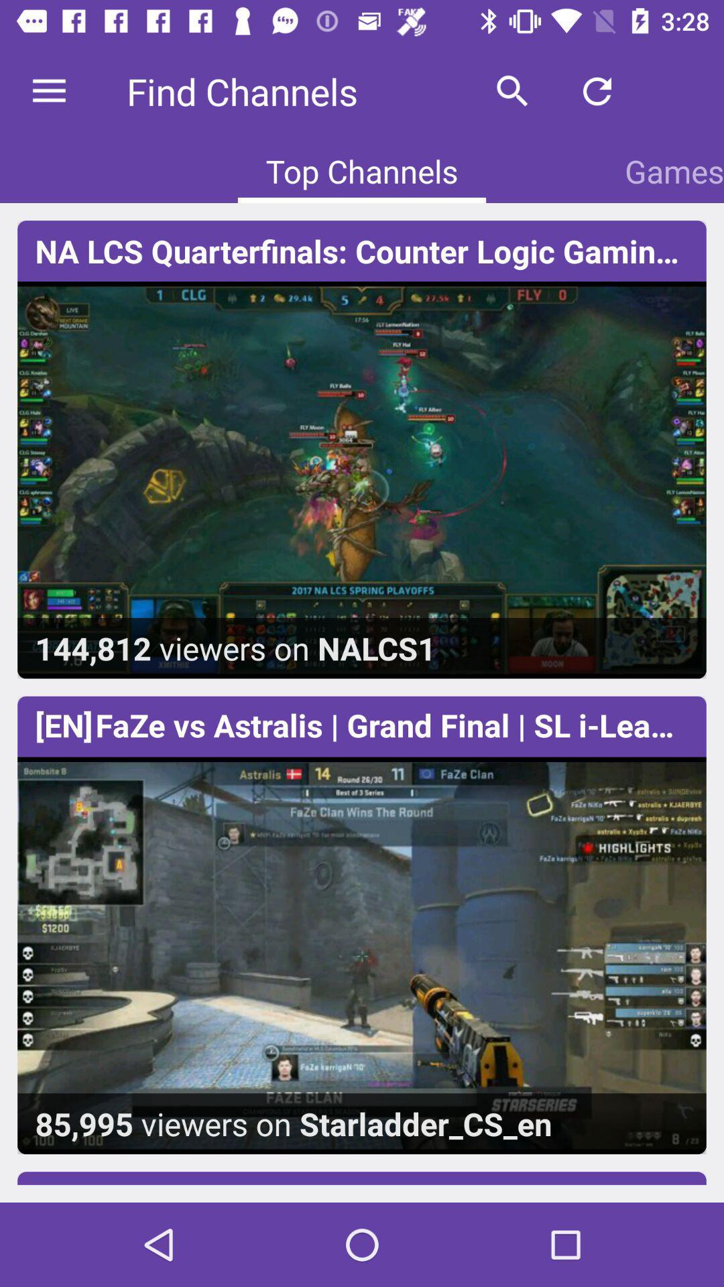 The width and height of the screenshot is (724, 1287). What do you see at coordinates (512, 90) in the screenshot?
I see `item above the na lcs quarterfinals icon` at bounding box center [512, 90].